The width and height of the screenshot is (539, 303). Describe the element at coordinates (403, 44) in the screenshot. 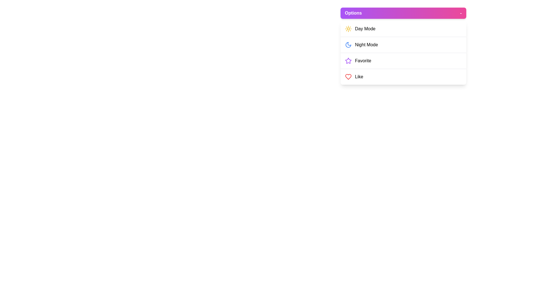

I see `the menu option Night Mode from the ApplicationMenu` at that location.